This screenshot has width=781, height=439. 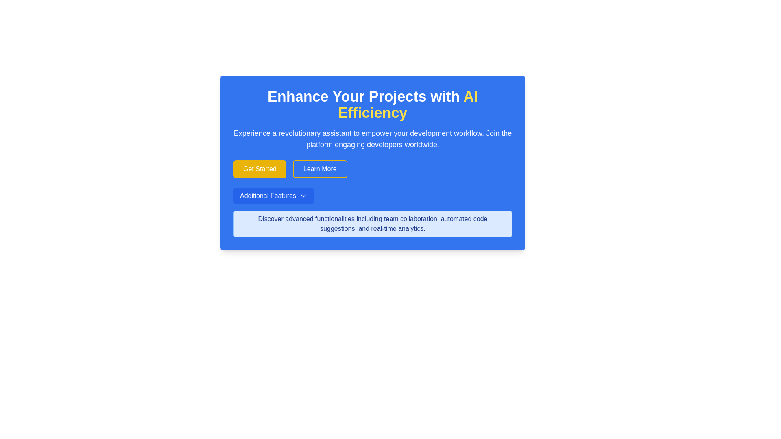 What do you see at coordinates (273, 196) in the screenshot?
I see `the third interactive button located below the 'Get Started' and 'Learn More' buttons` at bounding box center [273, 196].